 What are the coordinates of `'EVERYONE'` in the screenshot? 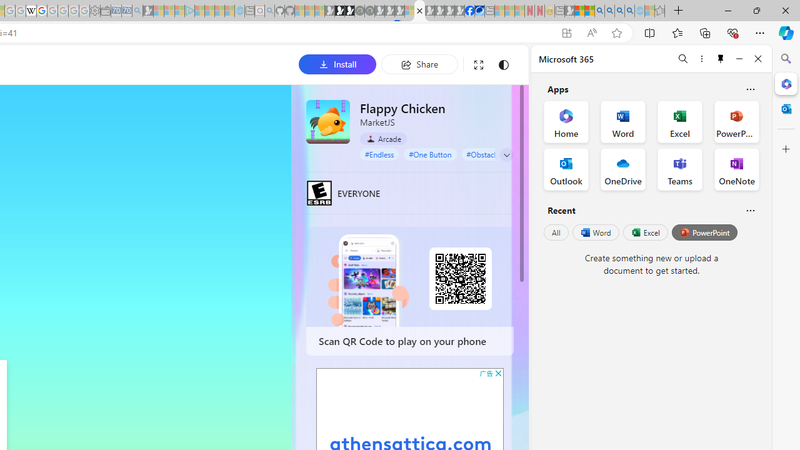 It's located at (319, 192).